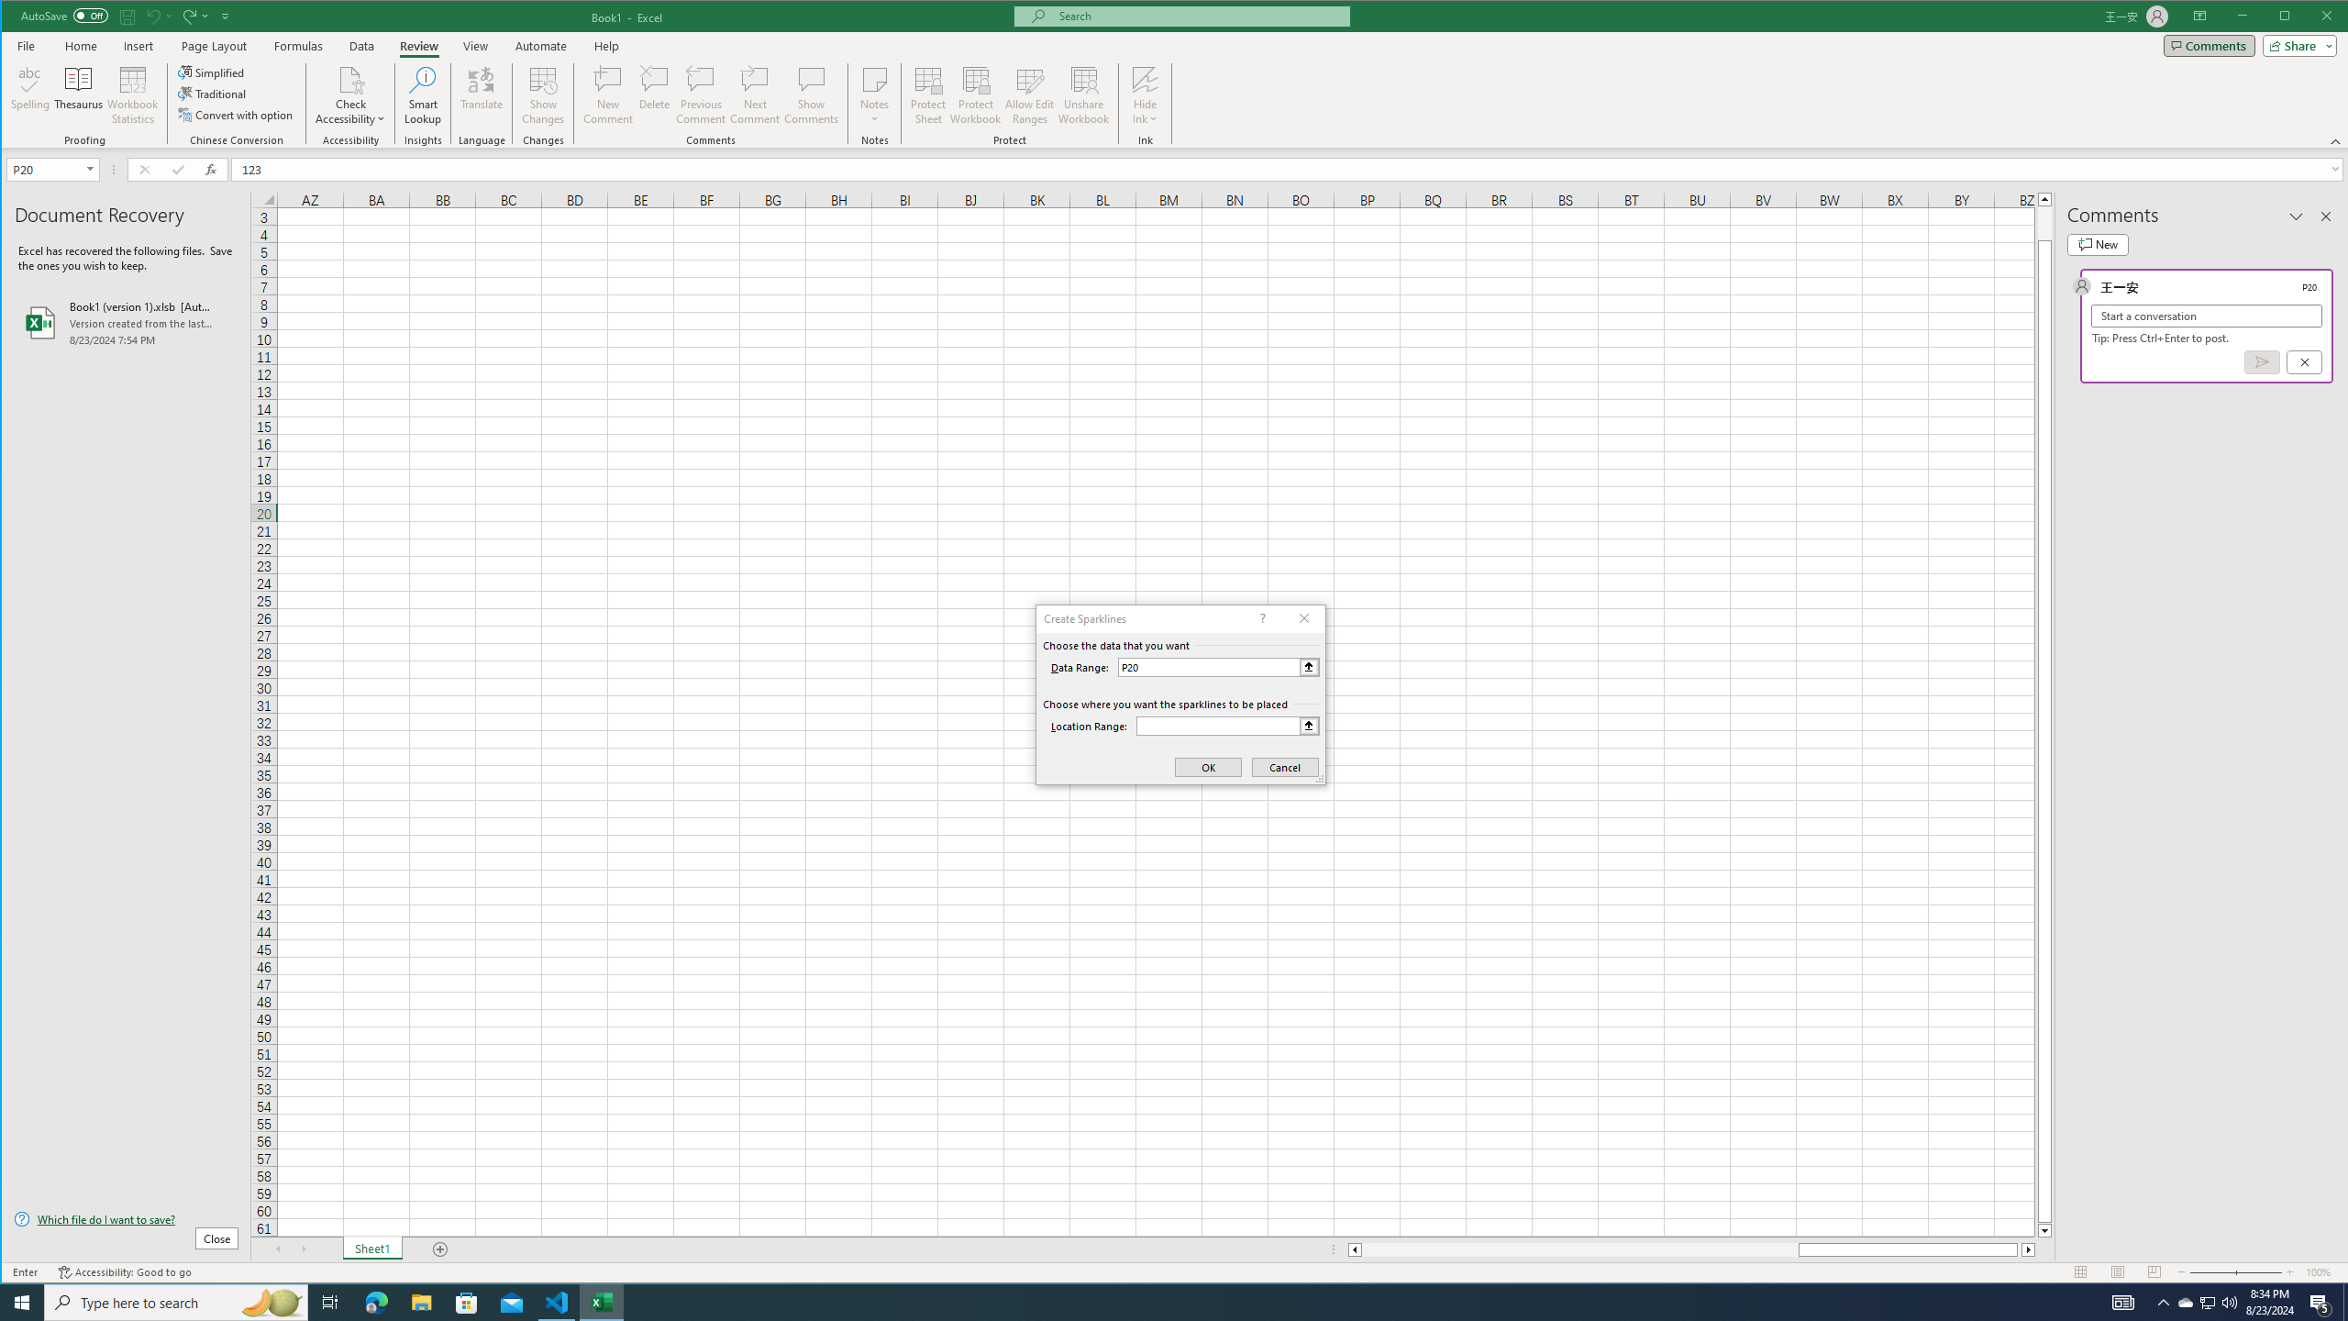 This screenshot has height=1321, width=2348. Describe the element at coordinates (2044, 222) in the screenshot. I see `'Page up'` at that location.